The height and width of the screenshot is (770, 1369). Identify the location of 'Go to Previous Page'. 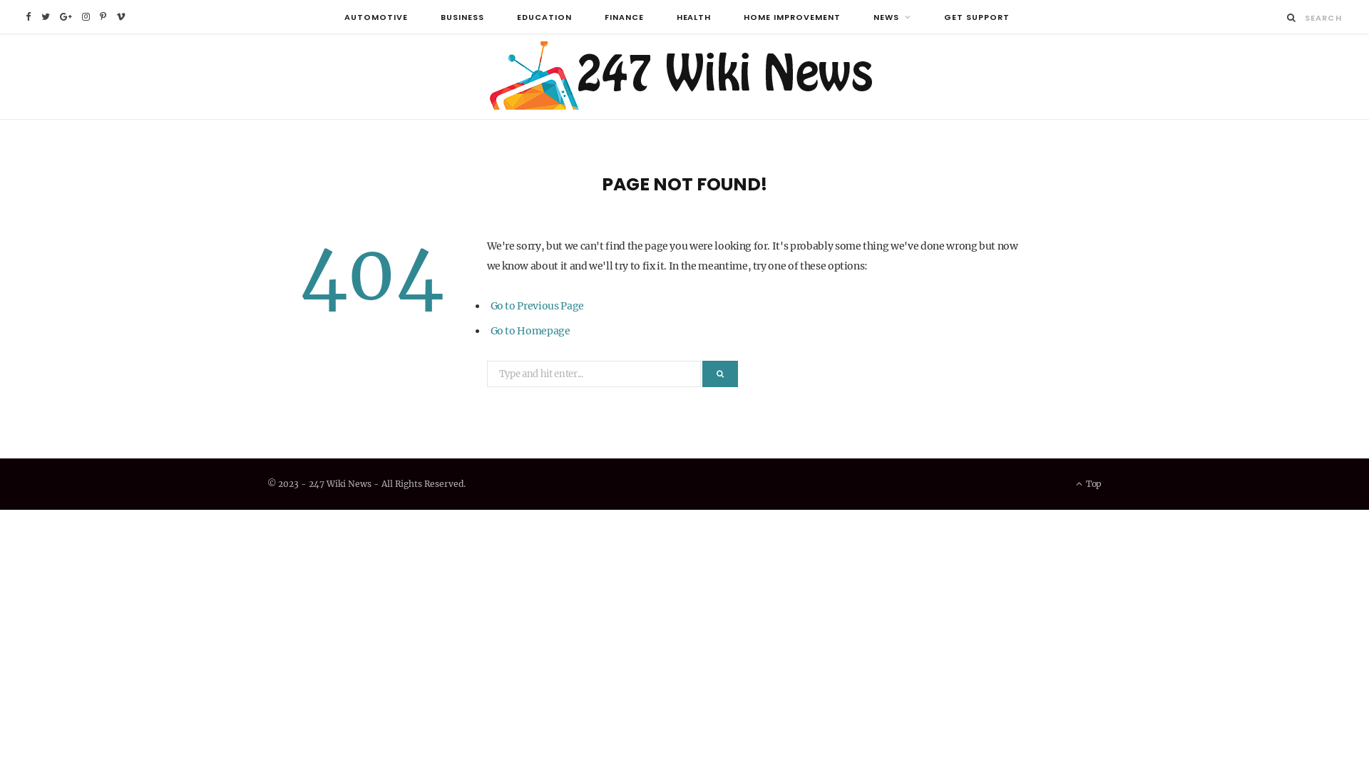
(536, 304).